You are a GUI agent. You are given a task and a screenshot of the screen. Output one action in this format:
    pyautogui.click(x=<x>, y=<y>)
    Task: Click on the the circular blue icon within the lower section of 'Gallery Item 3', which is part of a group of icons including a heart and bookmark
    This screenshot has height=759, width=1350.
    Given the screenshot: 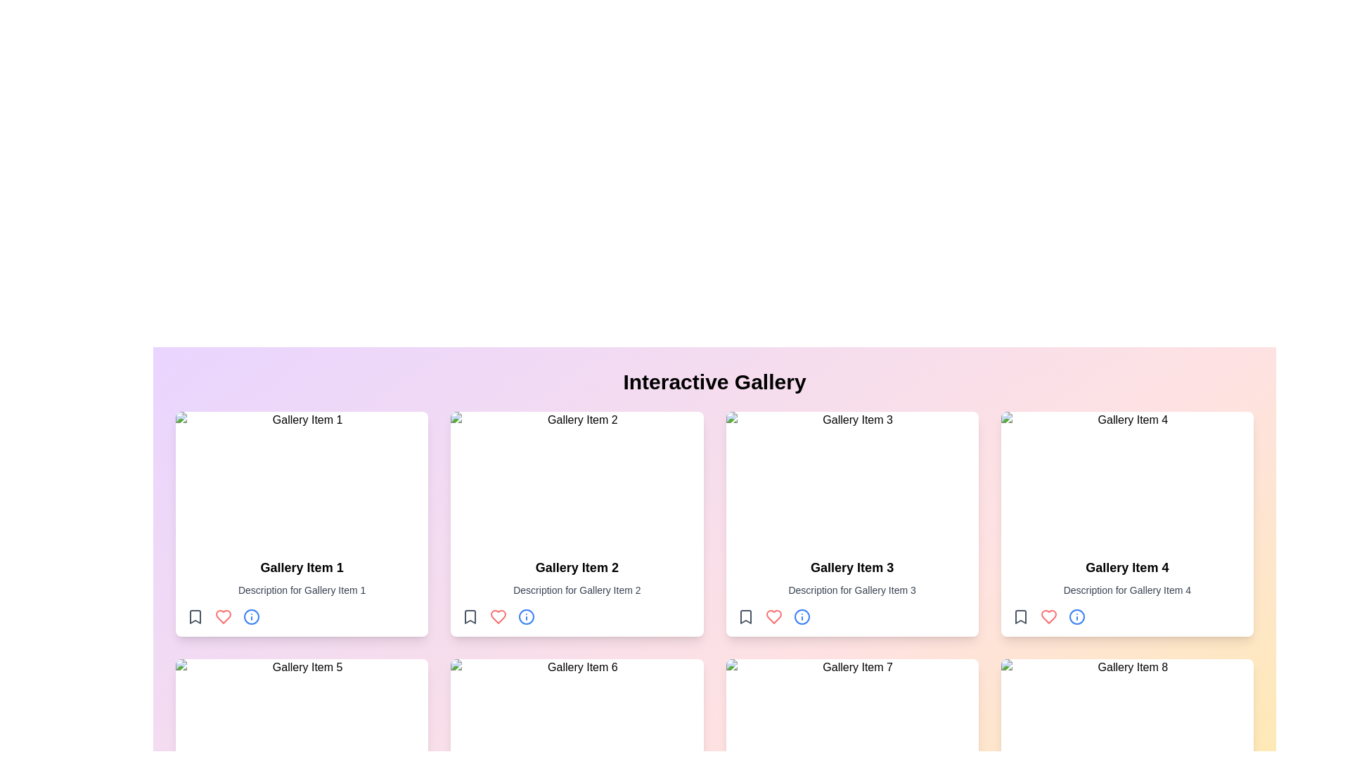 What is the action you would take?
    pyautogui.click(x=802, y=616)
    